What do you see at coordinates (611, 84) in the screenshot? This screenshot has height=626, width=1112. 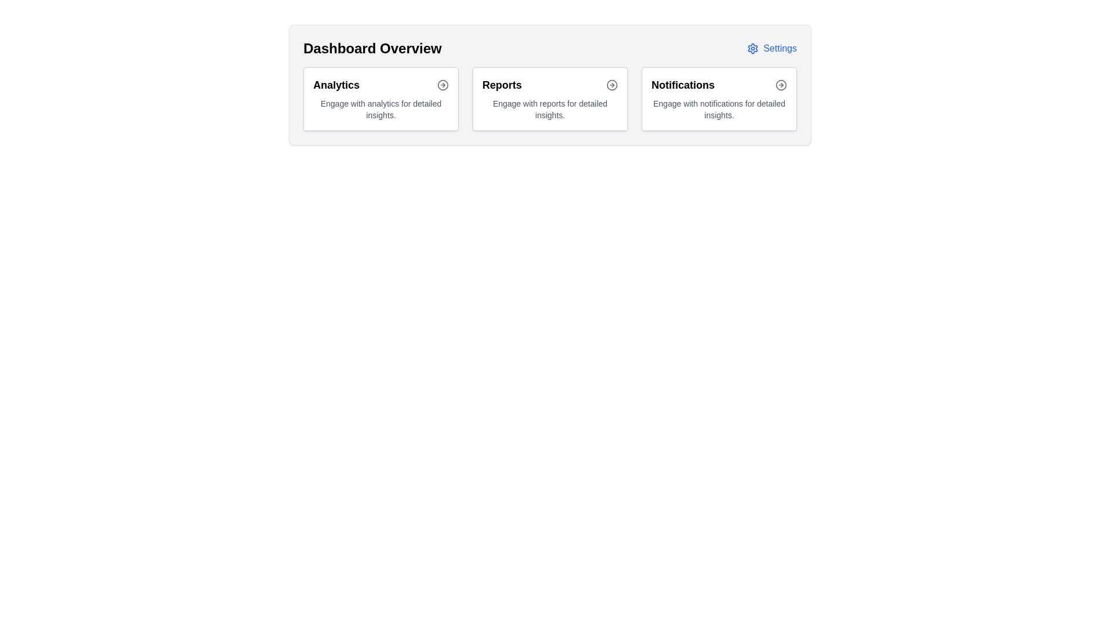 I see `the circular graphical icon component located in the Reports card at the top-right corner` at bounding box center [611, 84].